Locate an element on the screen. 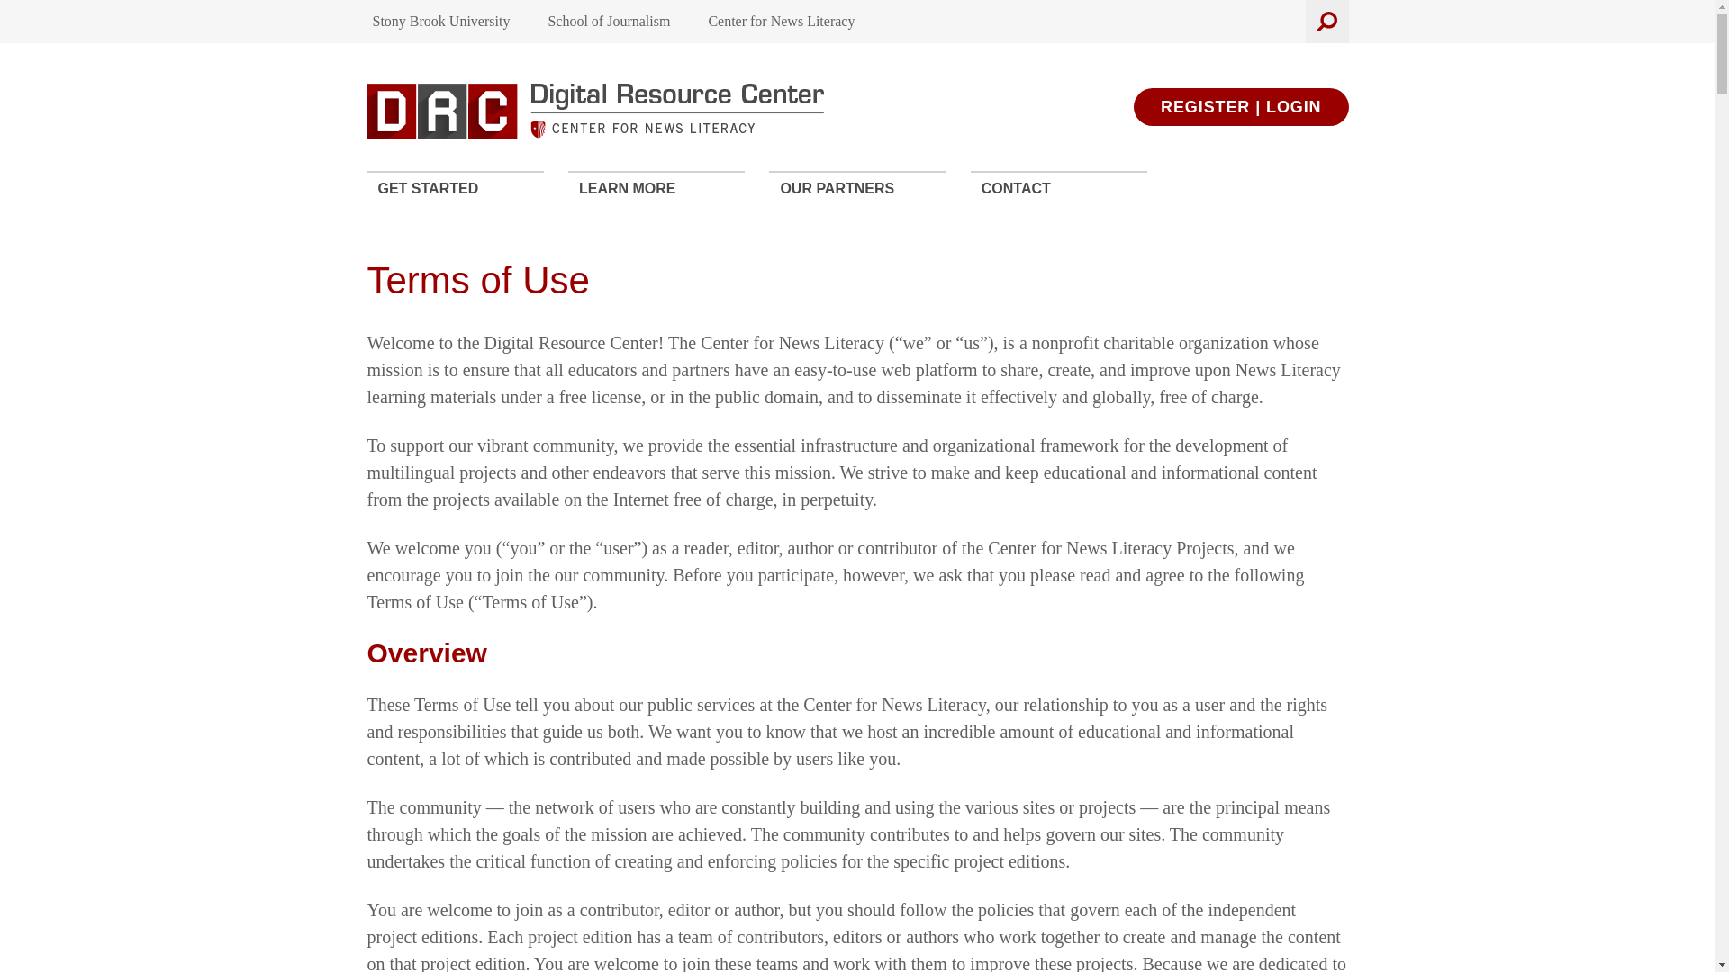 The height and width of the screenshot is (972, 1729). 'School of Journalism' is located at coordinates (609, 21).